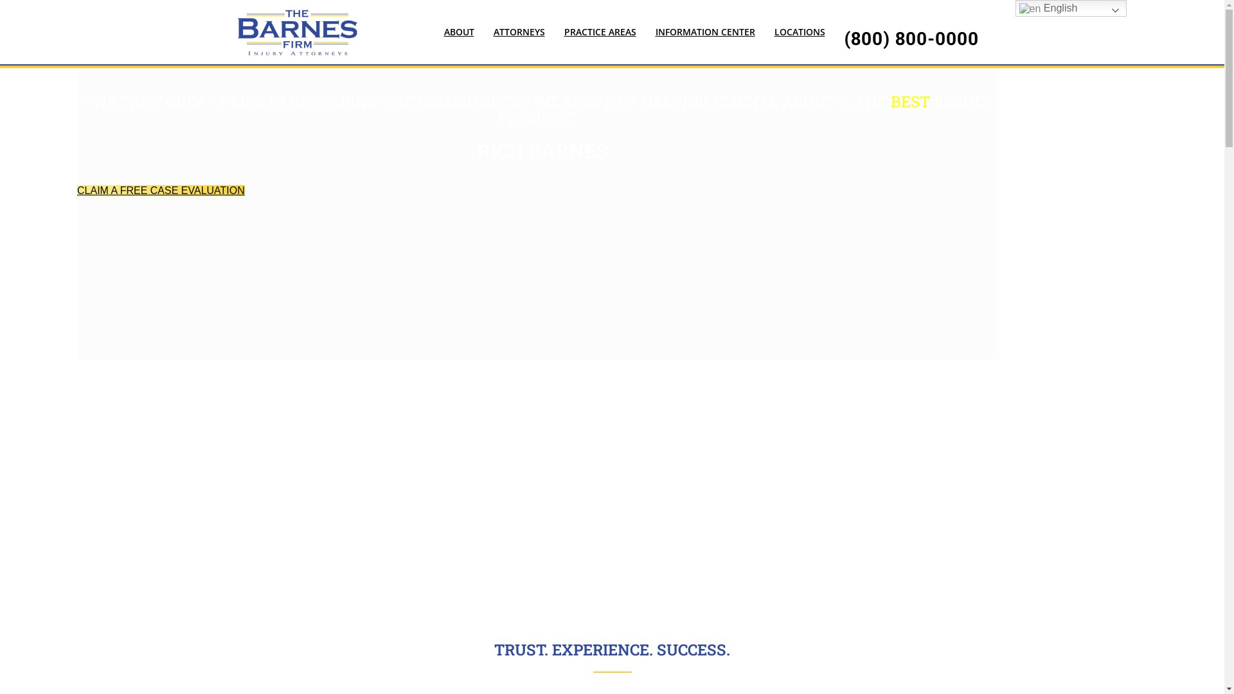  I want to click on 'English', so click(1014, 8).